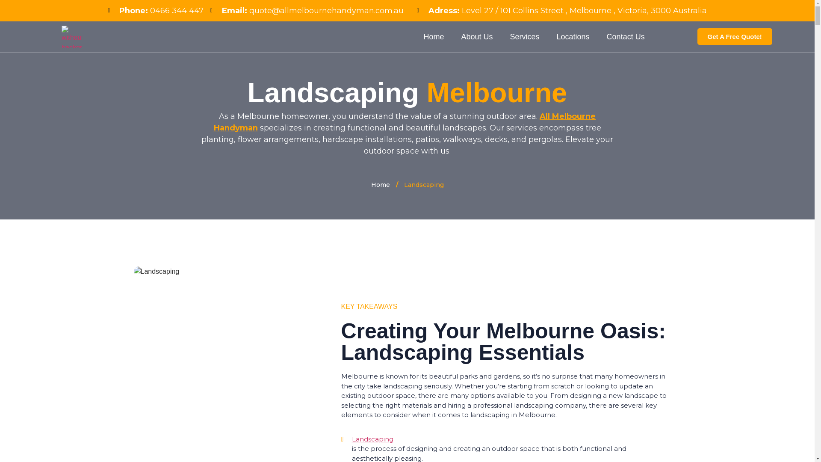 Image resolution: width=821 pixels, height=462 pixels. What do you see at coordinates (380, 184) in the screenshot?
I see `'Home'` at bounding box center [380, 184].